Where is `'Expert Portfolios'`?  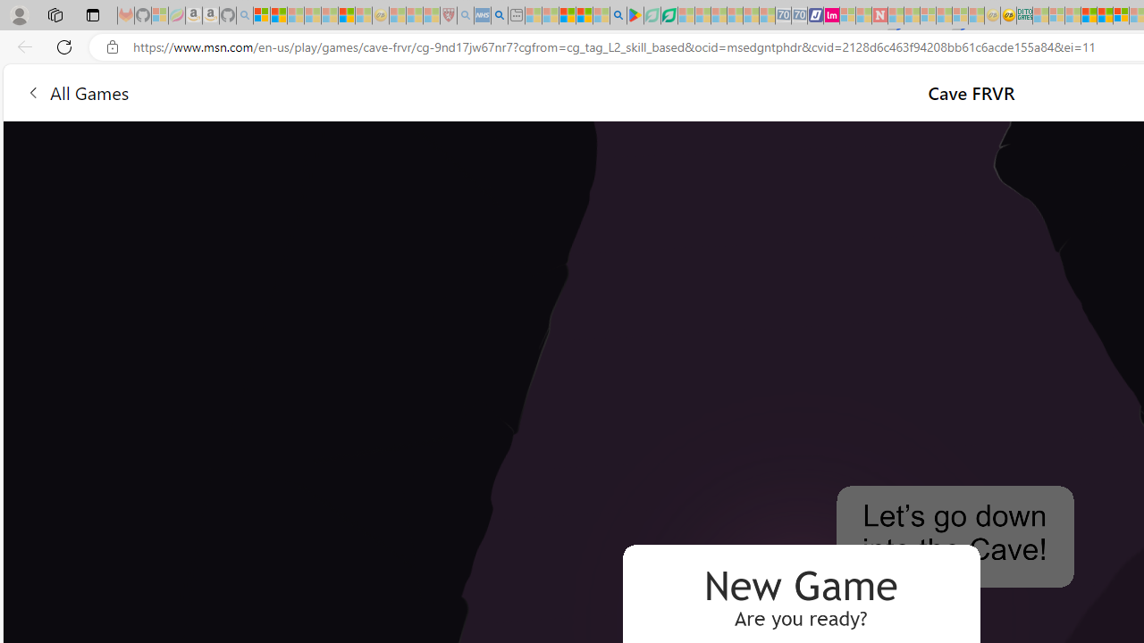
'Expert Portfolios' is located at coordinates (1088, 15).